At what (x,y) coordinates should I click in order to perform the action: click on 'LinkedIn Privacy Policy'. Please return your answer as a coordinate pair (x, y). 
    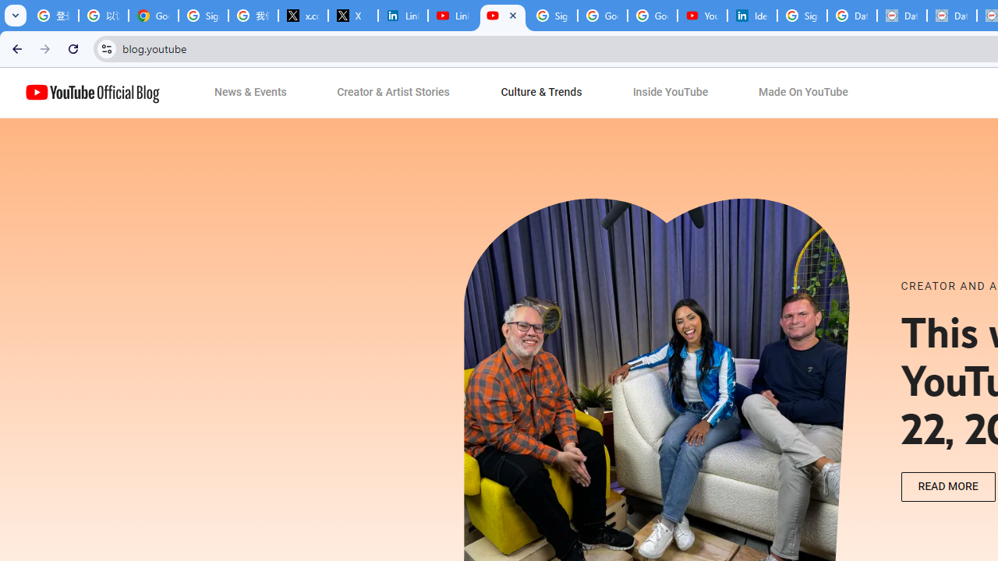
    Looking at the image, I should click on (403, 16).